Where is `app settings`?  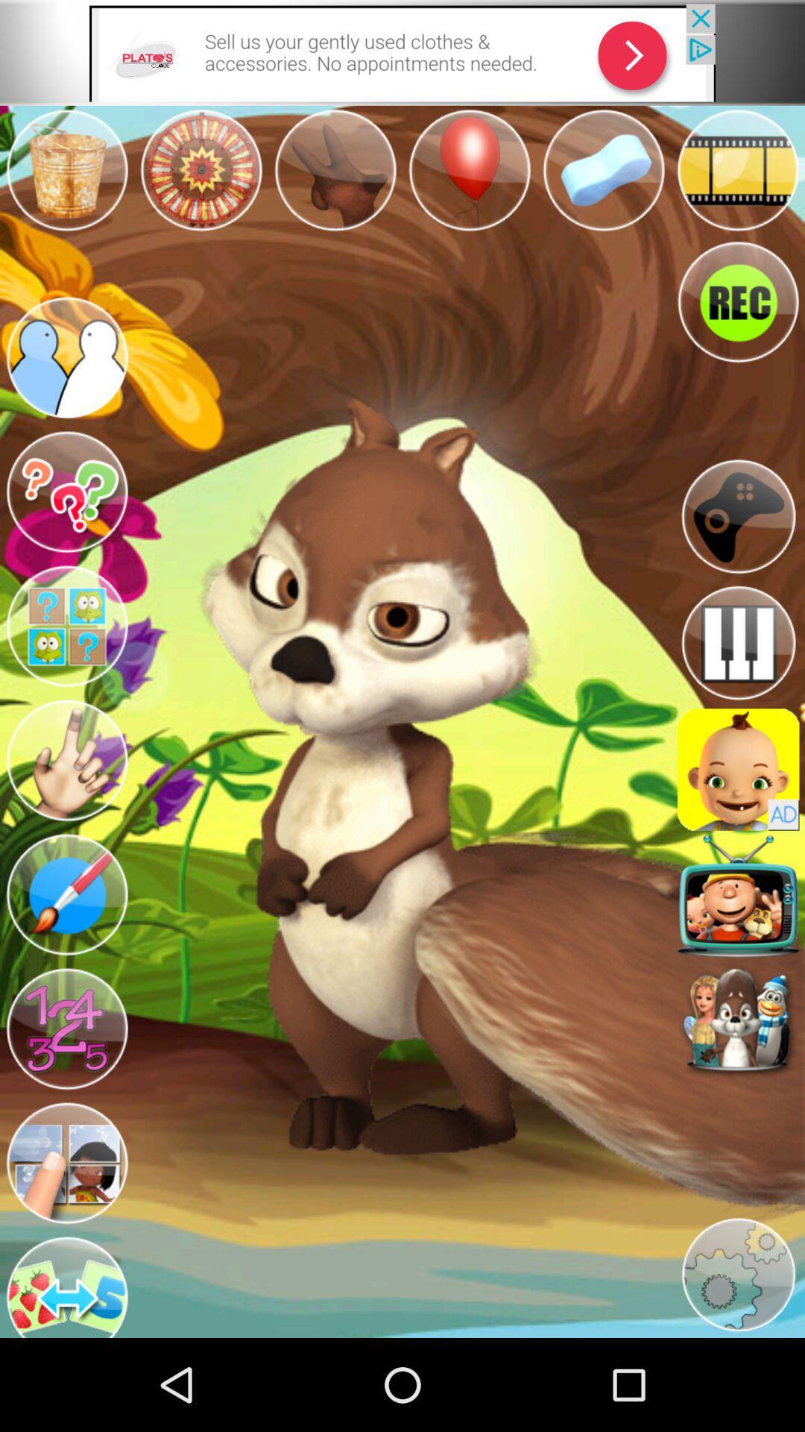 app settings is located at coordinates (738, 1274).